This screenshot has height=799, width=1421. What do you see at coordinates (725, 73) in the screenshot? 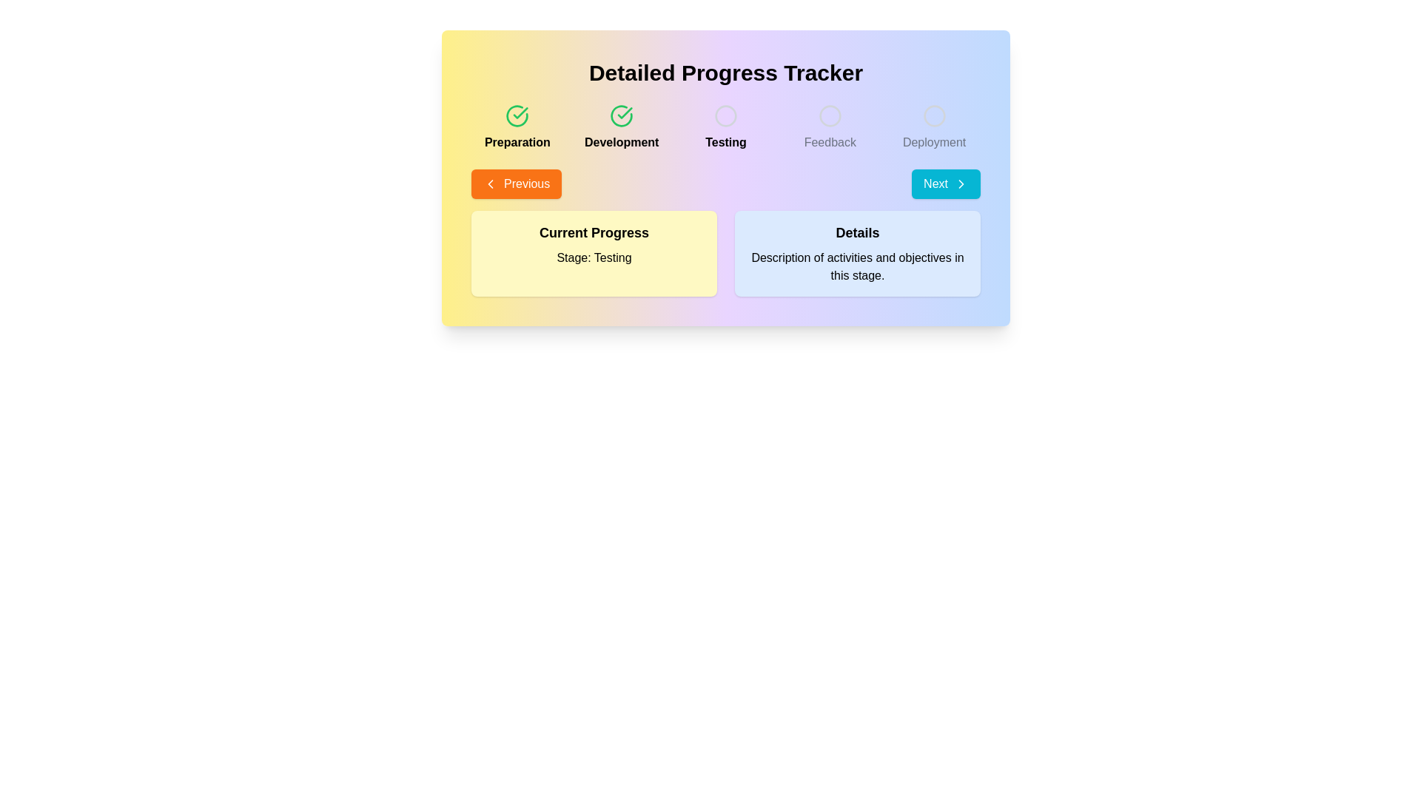
I see `the 'Detailed Progress Tracker' header, which is prominently displayed at the top of the panel with bold text in a large, centered font` at bounding box center [725, 73].